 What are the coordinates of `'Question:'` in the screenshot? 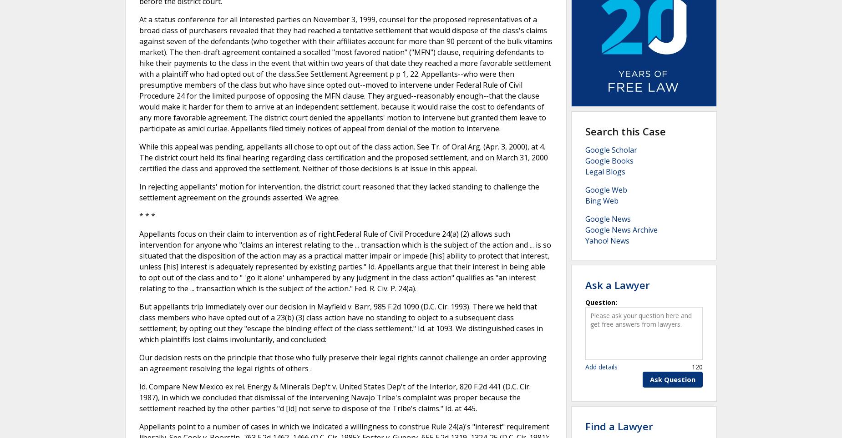 It's located at (601, 301).